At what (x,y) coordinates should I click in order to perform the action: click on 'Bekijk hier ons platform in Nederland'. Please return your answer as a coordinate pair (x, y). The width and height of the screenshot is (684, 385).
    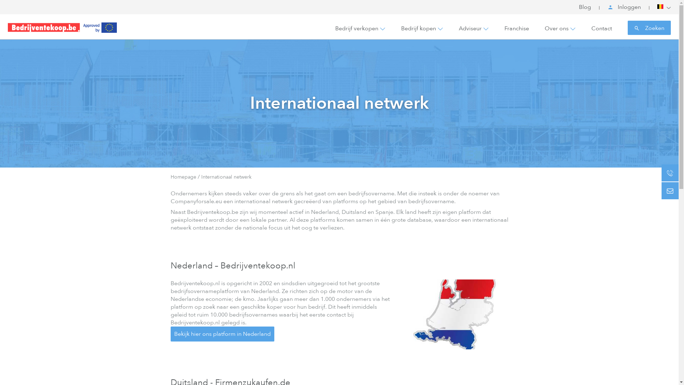
    Looking at the image, I should click on (222, 334).